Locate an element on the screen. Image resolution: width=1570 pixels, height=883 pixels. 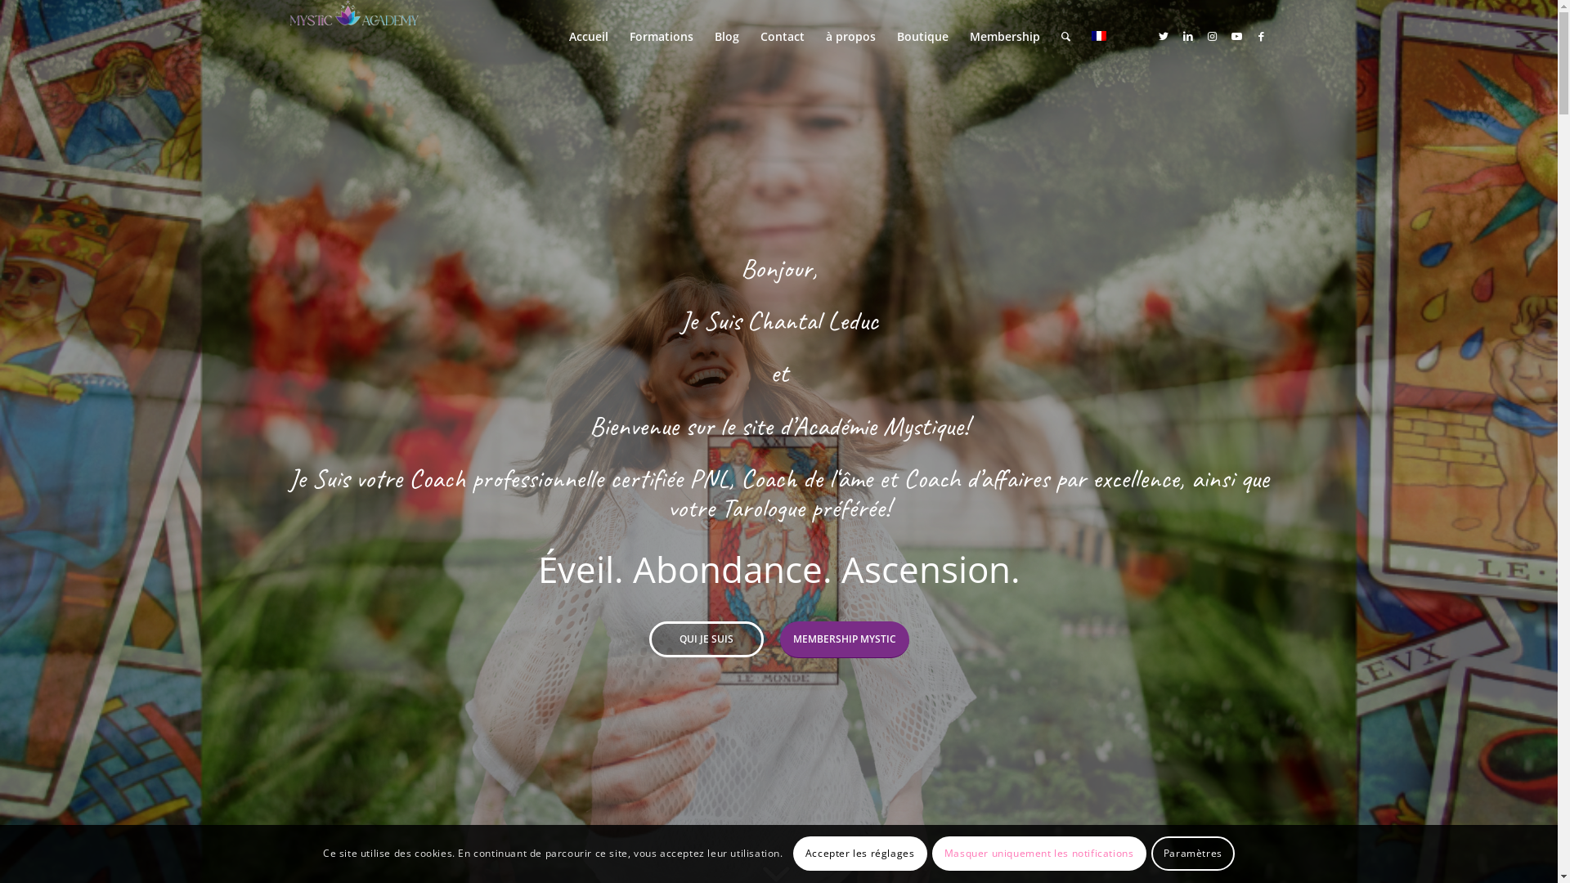
'QUI JE SUIS' is located at coordinates (706, 639).